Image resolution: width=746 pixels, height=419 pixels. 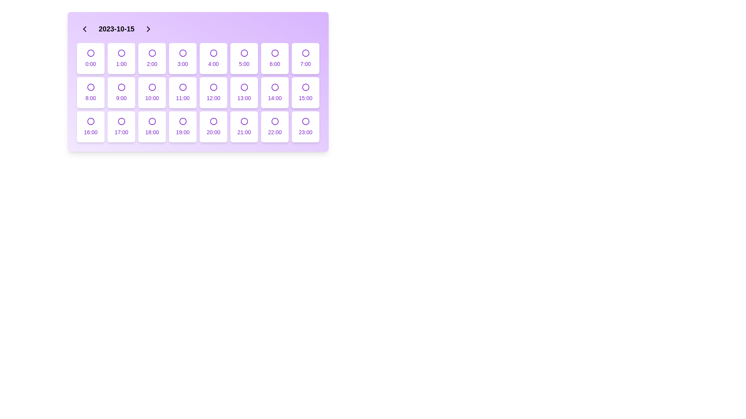 I want to click on the radio button for the time slot '13:00', so click(x=244, y=87).